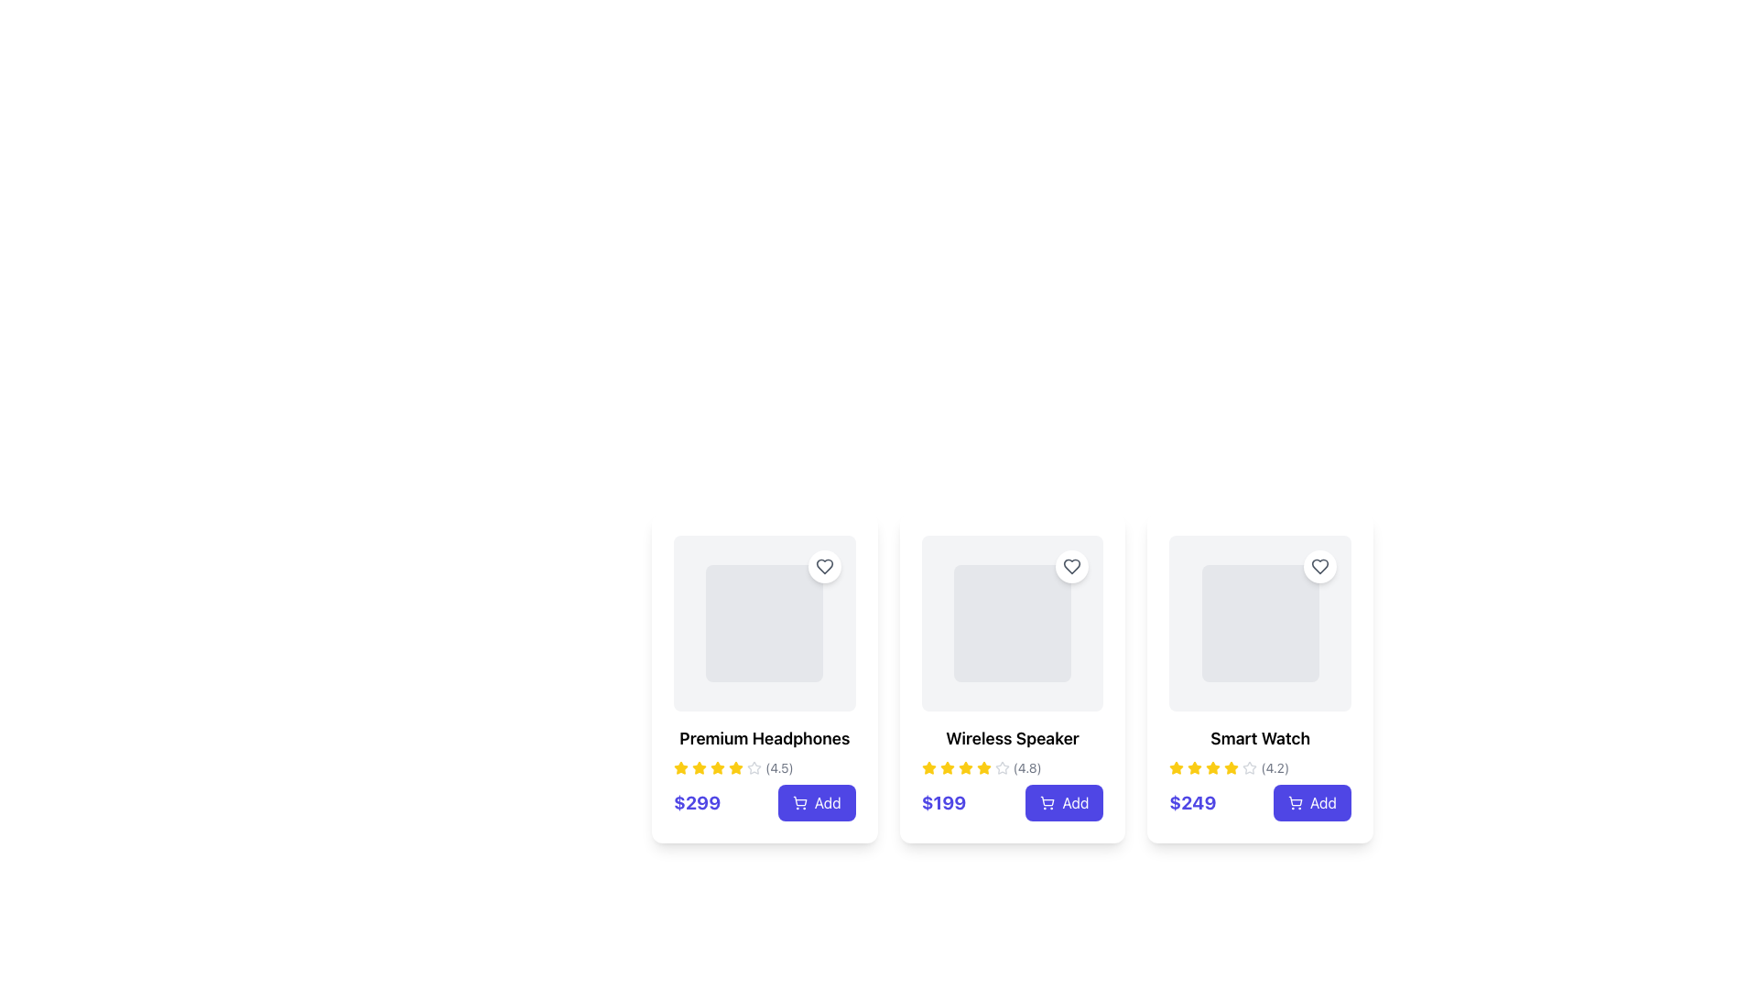  What do you see at coordinates (1319, 565) in the screenshot?
I see `the heart-shaped icon in the top-right corner of the 'Smart Watch' product card to mark the item as favorite` at bounding box center [1319, 565].